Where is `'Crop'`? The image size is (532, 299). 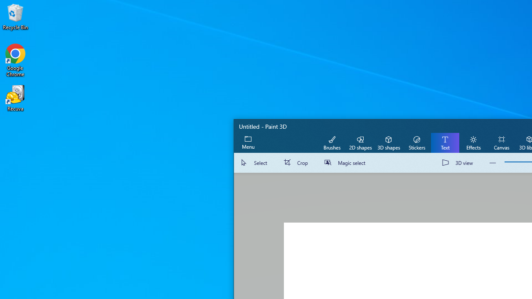 'Crop' is located at coordinates (298, 163).